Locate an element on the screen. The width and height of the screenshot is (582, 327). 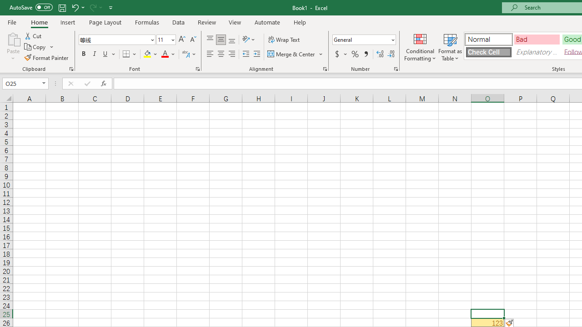
'Paste' is located at coordinates (13, 47).